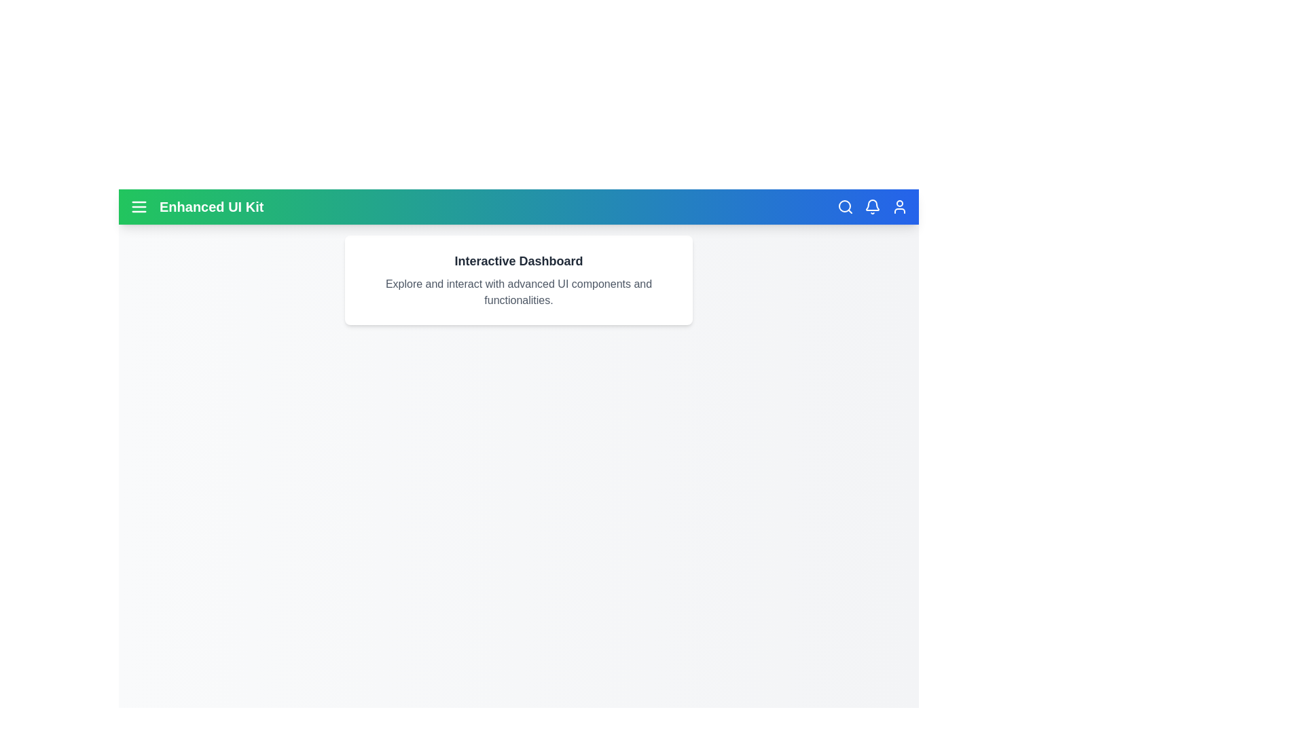 Image resolution: width=1304 pixels, height=733 pixels. I want to click on menu icon to toggle the menu open or closed, so click(139, 206).